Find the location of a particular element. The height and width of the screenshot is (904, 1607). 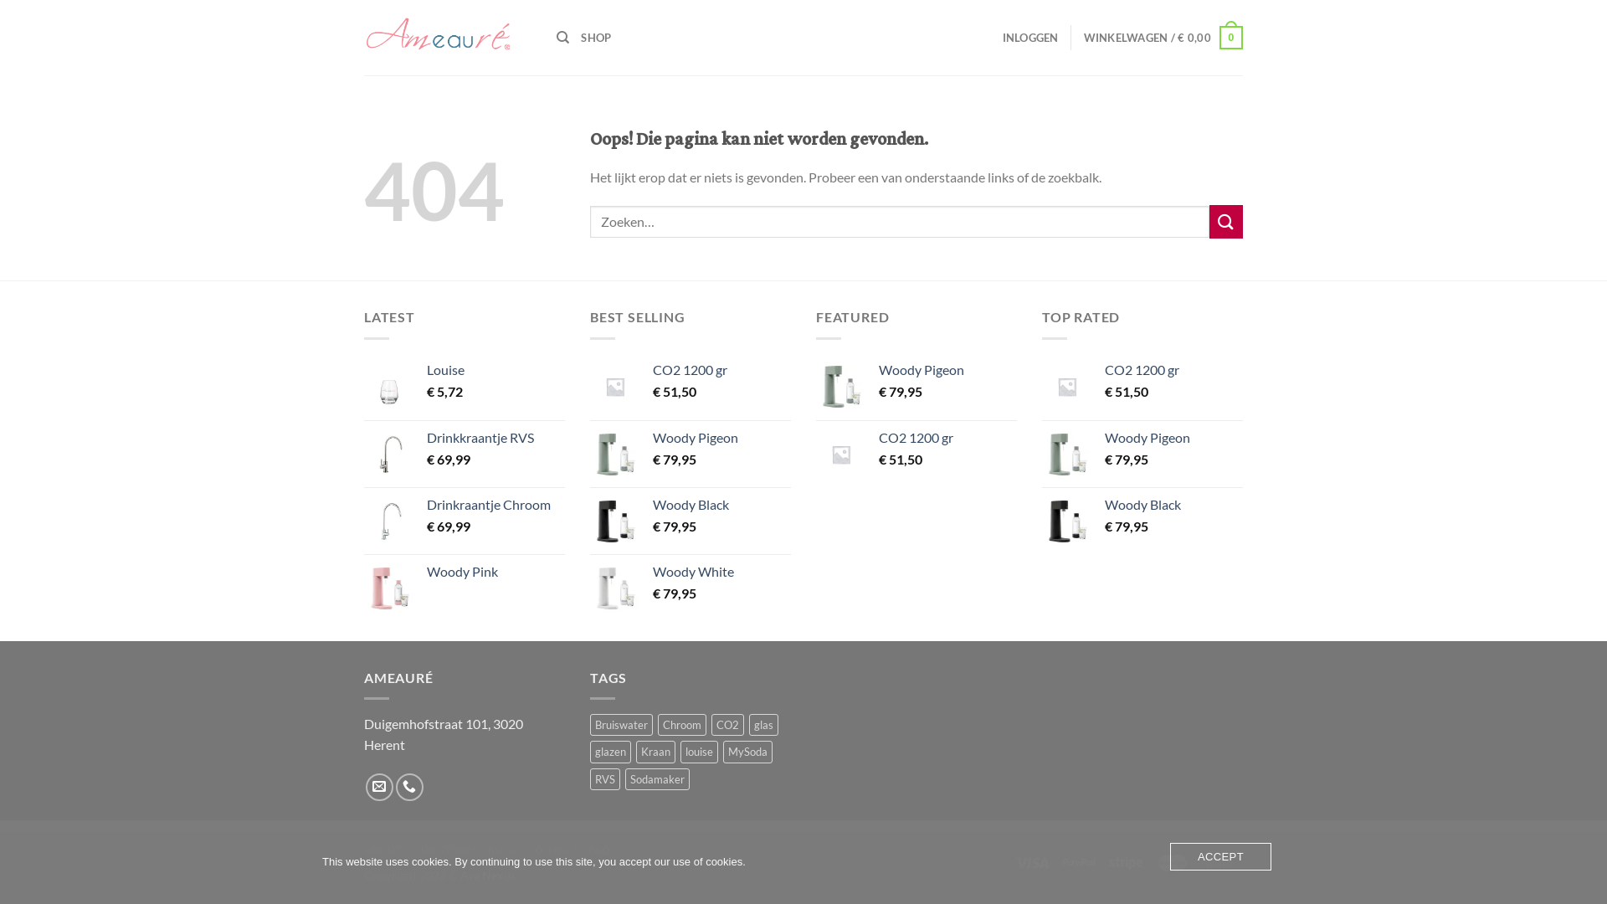

'Woody Black' is located at coordinates (1105, 504).